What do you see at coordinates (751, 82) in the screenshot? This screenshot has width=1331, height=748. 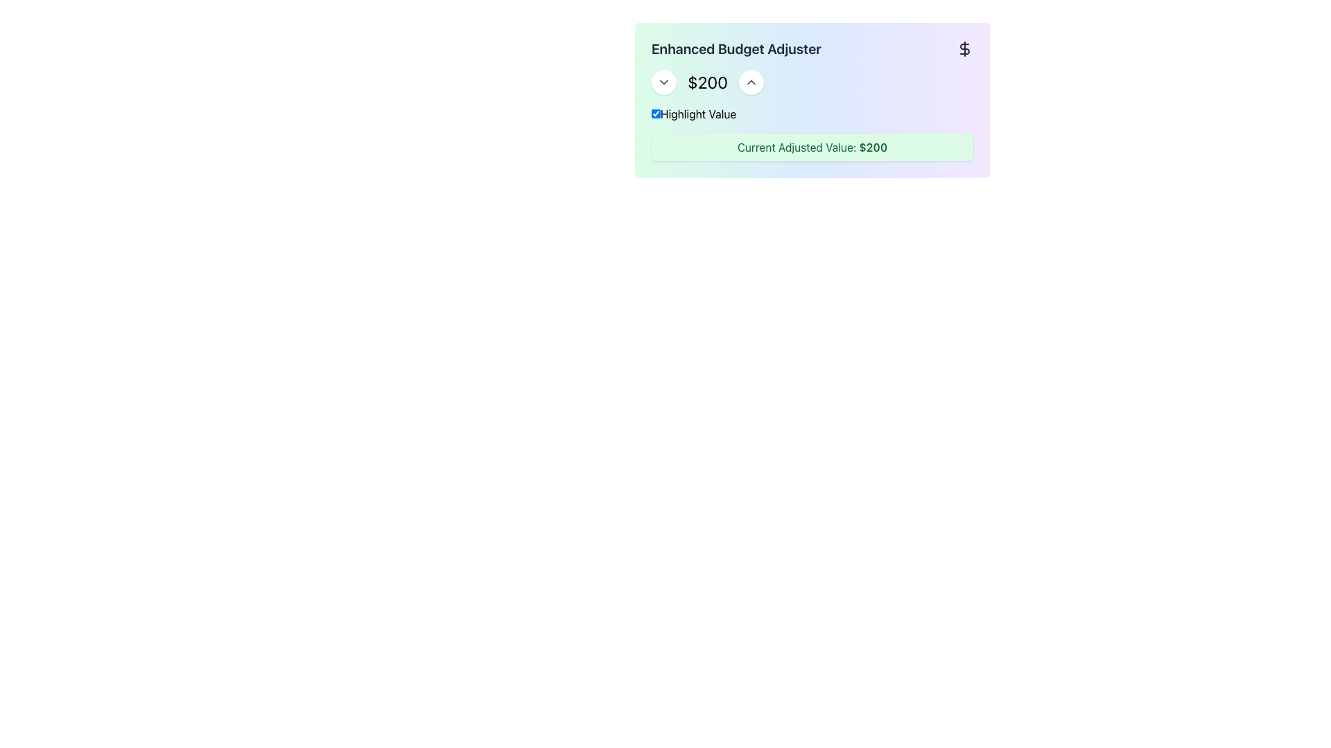 I see `the Chevron Icon for Upward Navigation located immediately to the right of the '$200' text in the Enhanced Budget Adjuster box to increment the budget value` at bounding box center [751, 82].